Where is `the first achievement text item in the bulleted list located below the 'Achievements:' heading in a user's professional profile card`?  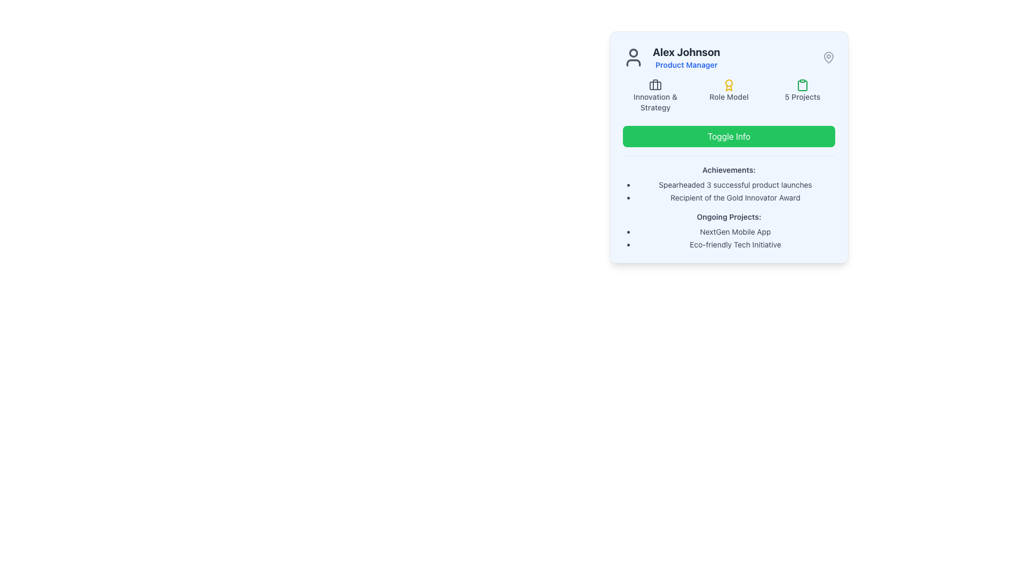
the first achievement text item in the bulleted list located below the 'Achievements:' heading in a user's professional profile card is located at coordinates (734, 185).